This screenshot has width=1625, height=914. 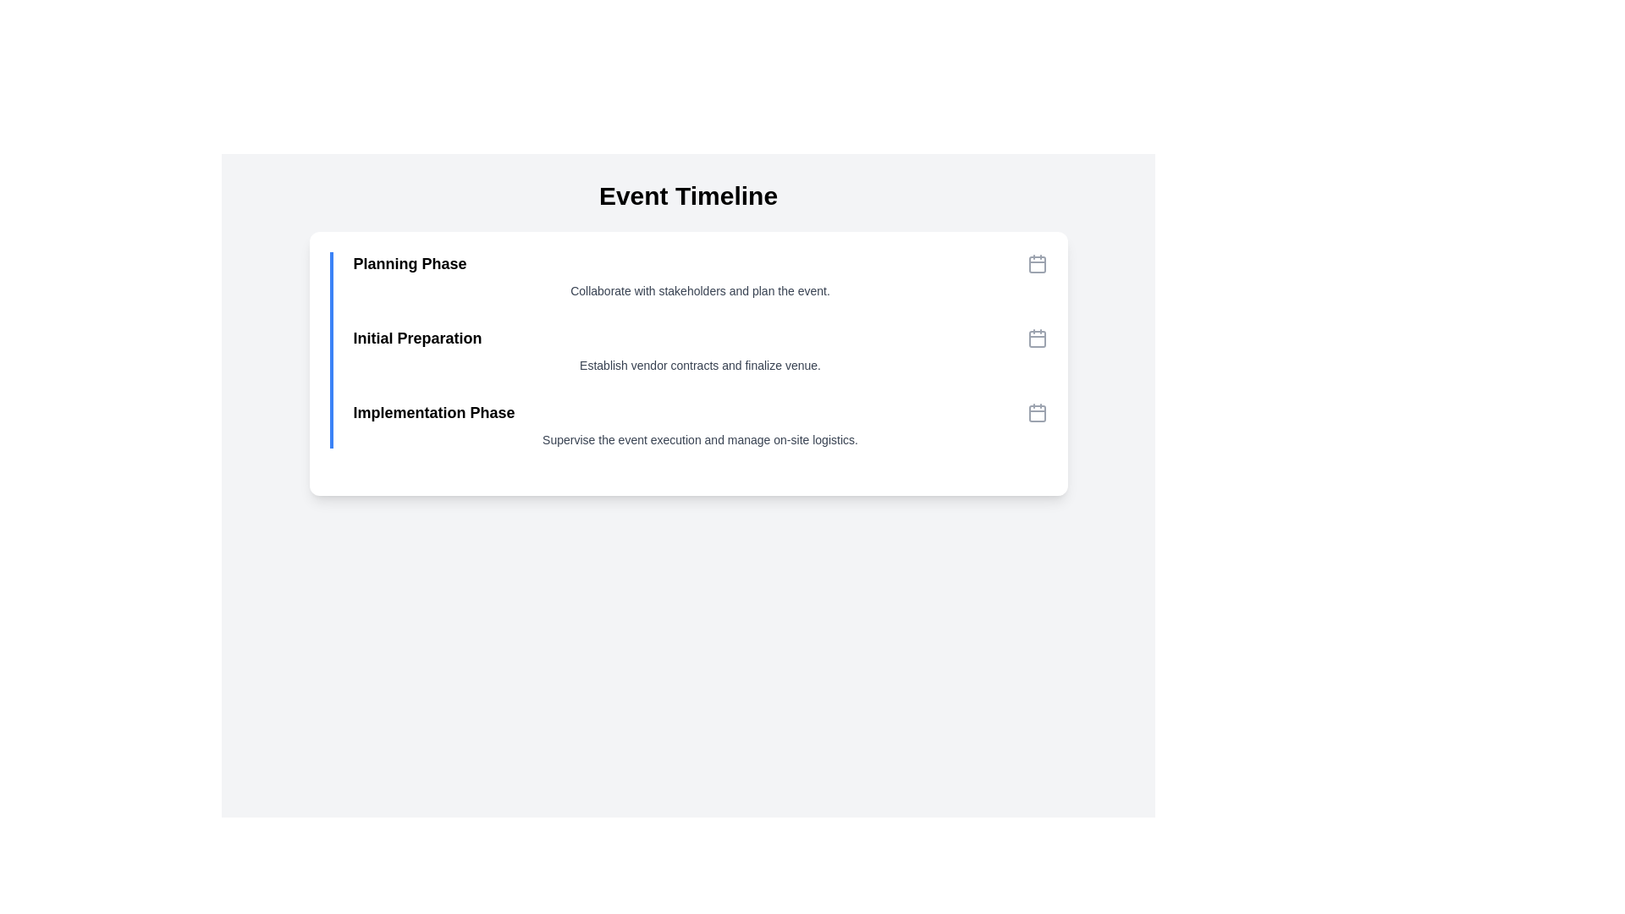 What do you see at coordinates (333, 408) in the screenshot?
I see `the visual marker indicating the 'Implementation Phase' located to the left of the text 'Implementation Phase'` at bounding box center [333, 408].